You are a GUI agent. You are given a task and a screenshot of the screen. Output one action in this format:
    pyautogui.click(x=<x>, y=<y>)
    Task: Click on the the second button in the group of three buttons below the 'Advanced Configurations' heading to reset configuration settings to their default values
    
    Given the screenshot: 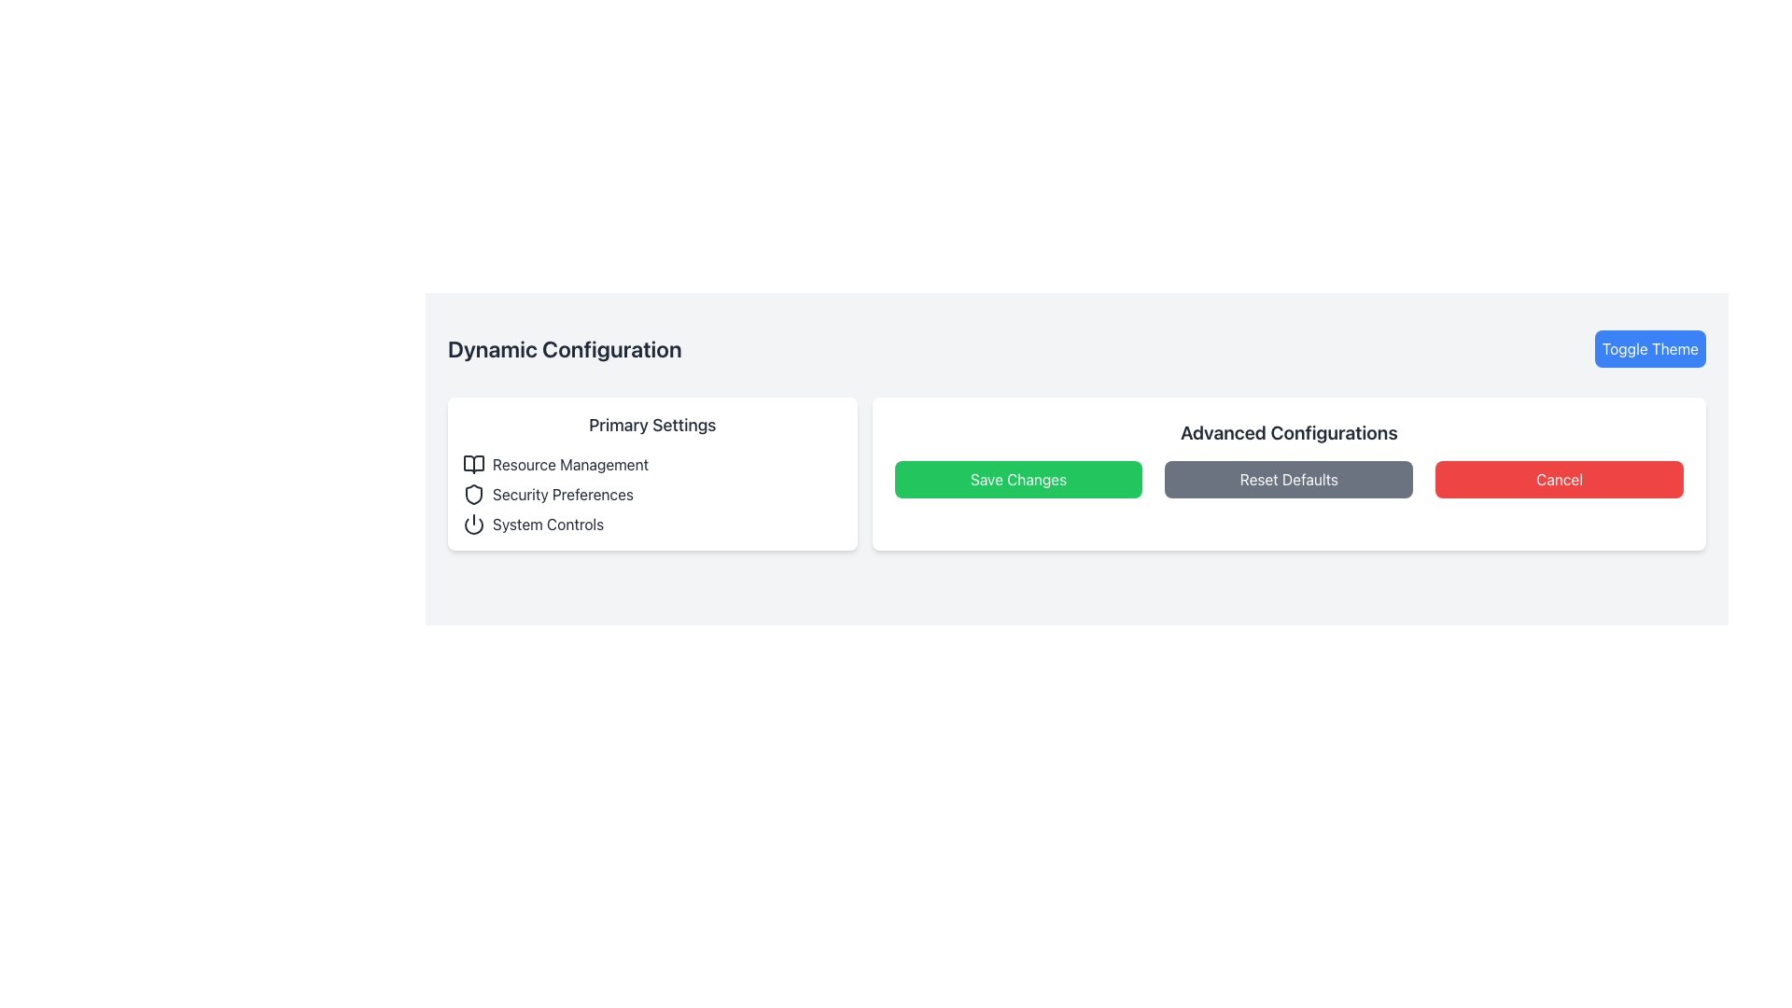 What is the action you would take?
    pyautogui.click(x=1288, y=478)
    